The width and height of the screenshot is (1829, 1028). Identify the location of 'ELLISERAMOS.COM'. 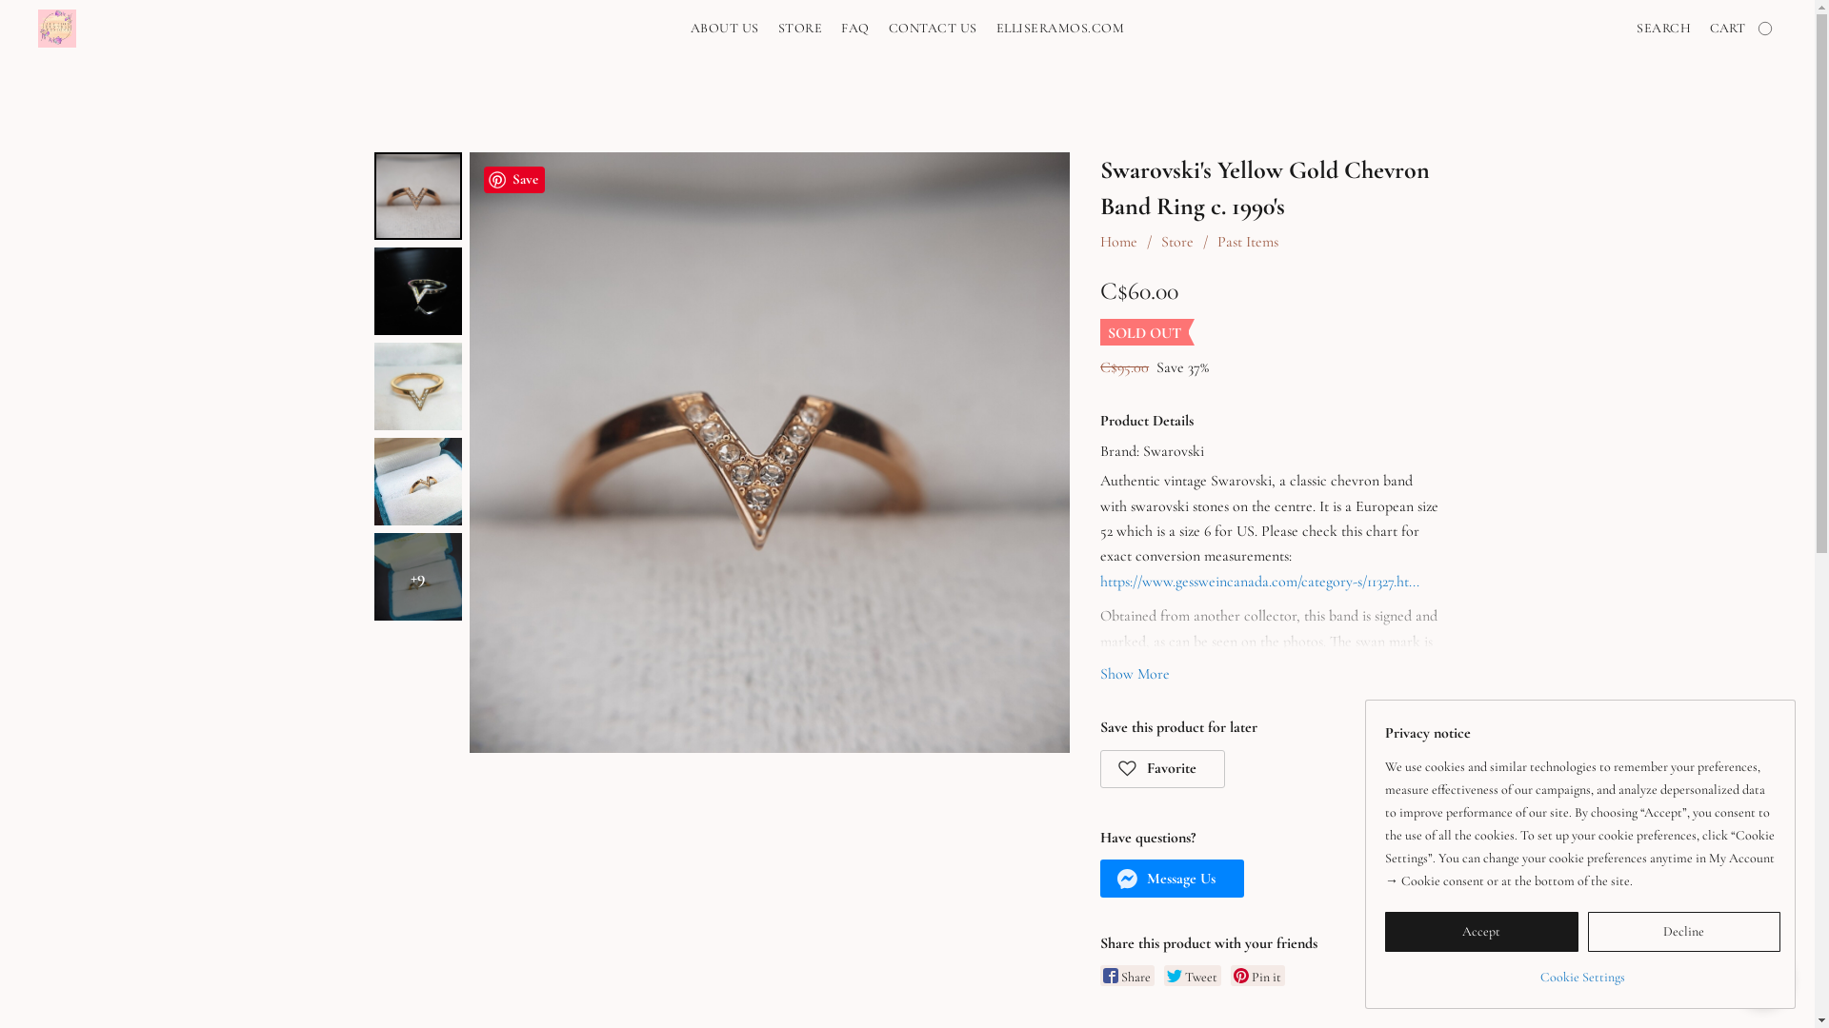
(1055, 29).